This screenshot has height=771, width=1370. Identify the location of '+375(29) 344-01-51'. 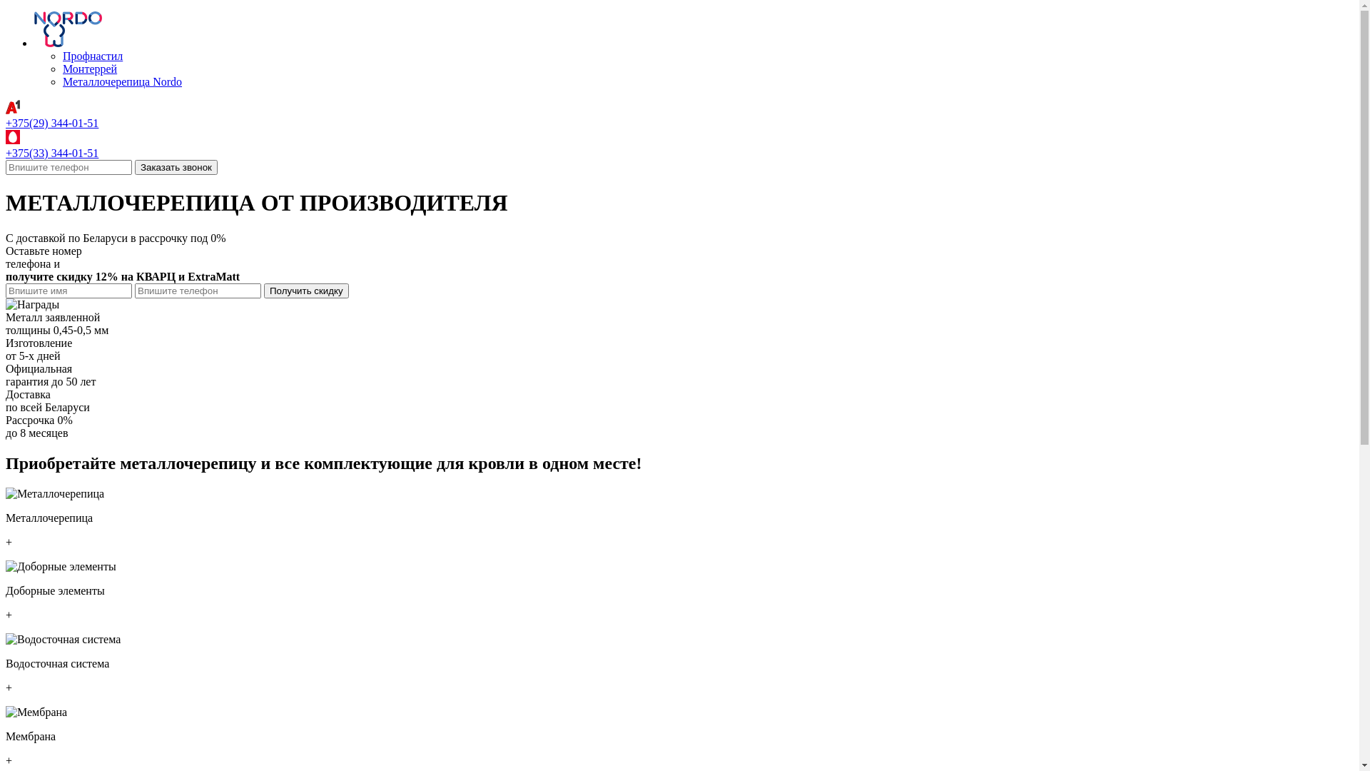
(51, 122).